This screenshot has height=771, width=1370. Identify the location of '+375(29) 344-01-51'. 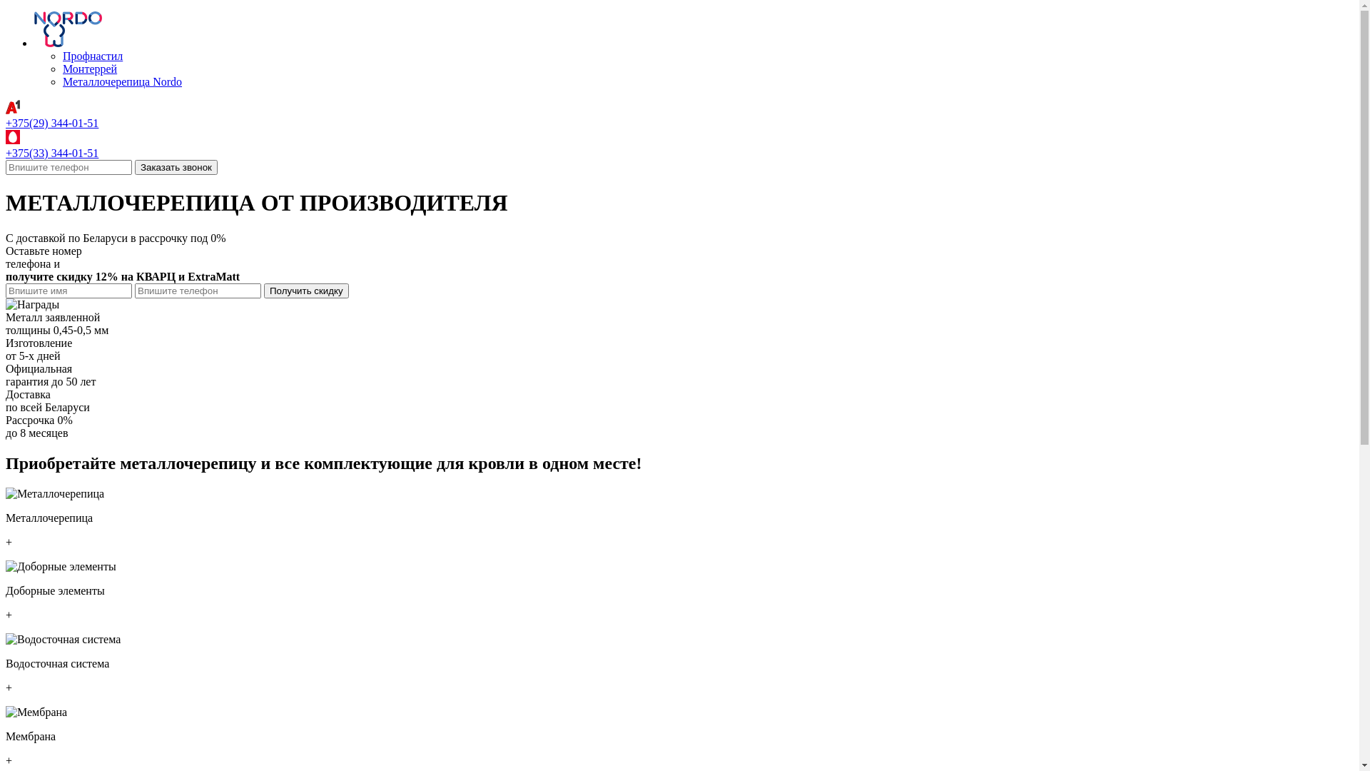
(51, 122).